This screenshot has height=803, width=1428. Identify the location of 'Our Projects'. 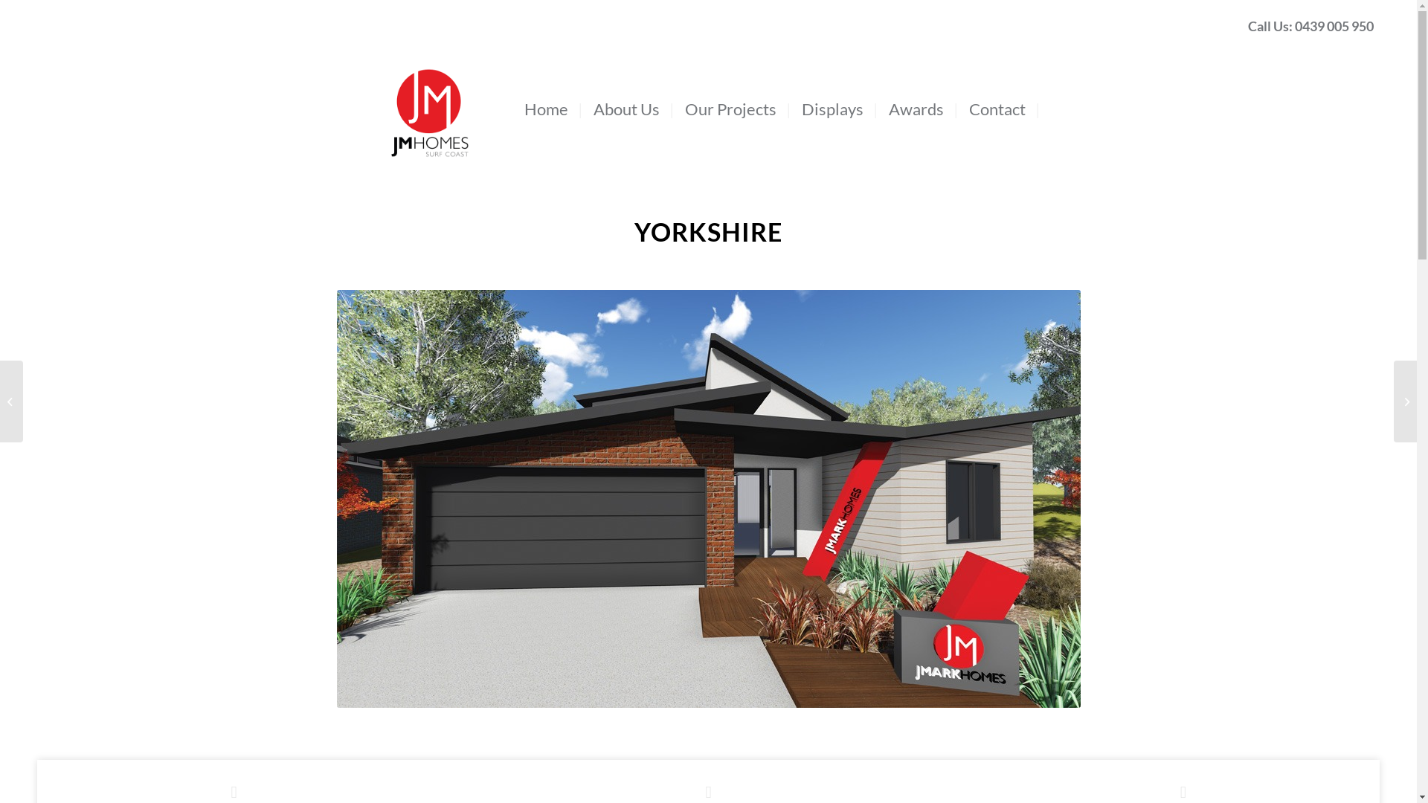
(674, 108).